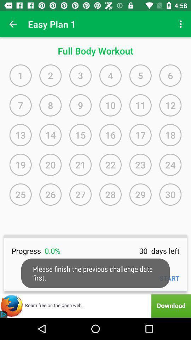 This screenshot has width=191, height=340. Describe the element at coordinates (95, 306) in the screenshot. I see `download this extension` at that location.